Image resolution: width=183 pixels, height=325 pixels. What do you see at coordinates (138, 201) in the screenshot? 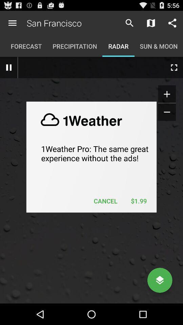
I see `$1.99` at bounding box center [138, 201].